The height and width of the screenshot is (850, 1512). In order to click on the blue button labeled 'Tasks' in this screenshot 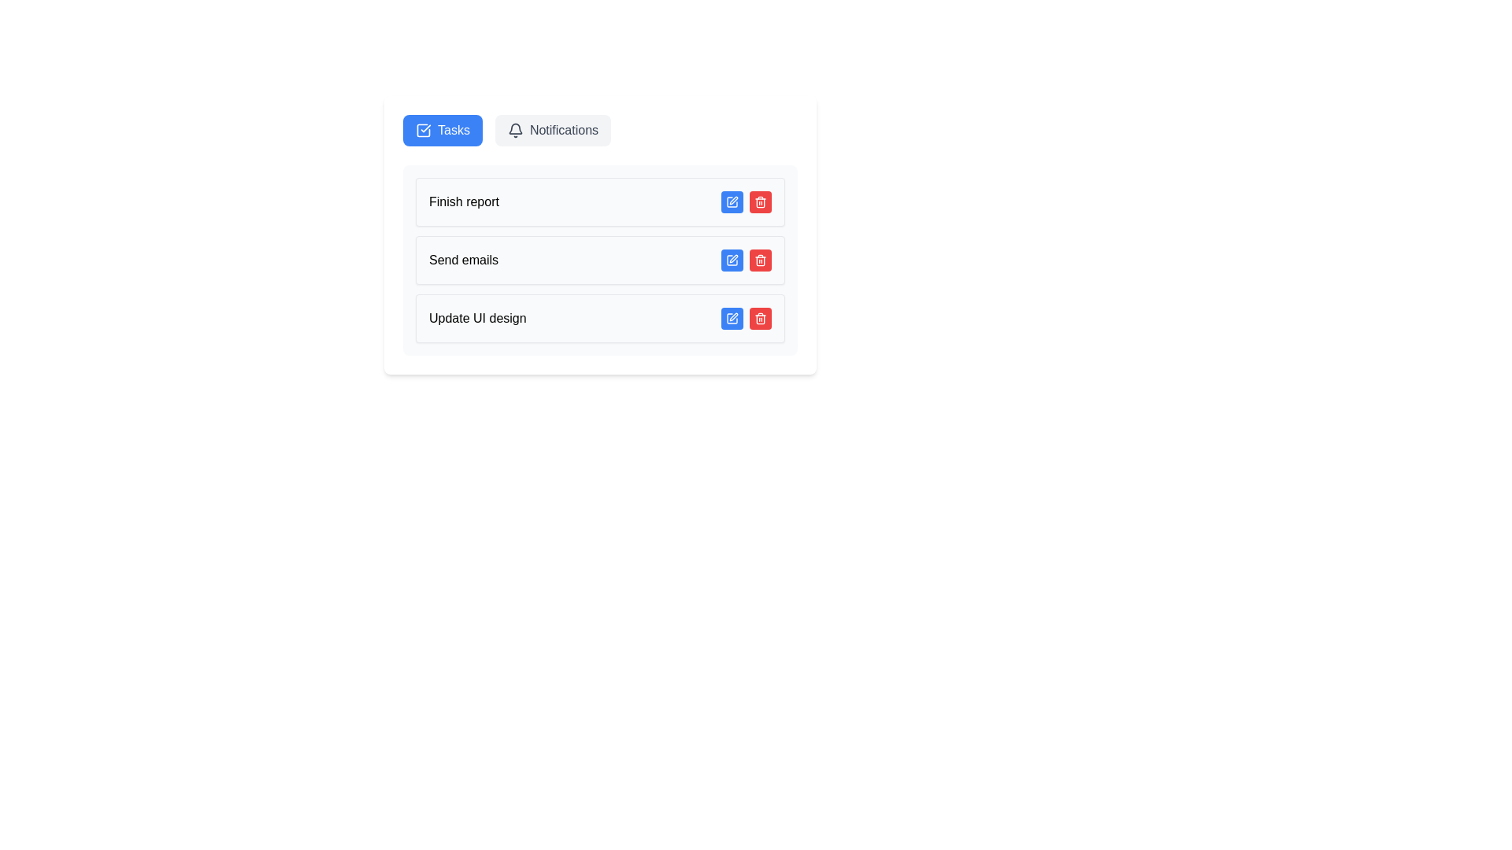, I will do `click(442, 129)`.